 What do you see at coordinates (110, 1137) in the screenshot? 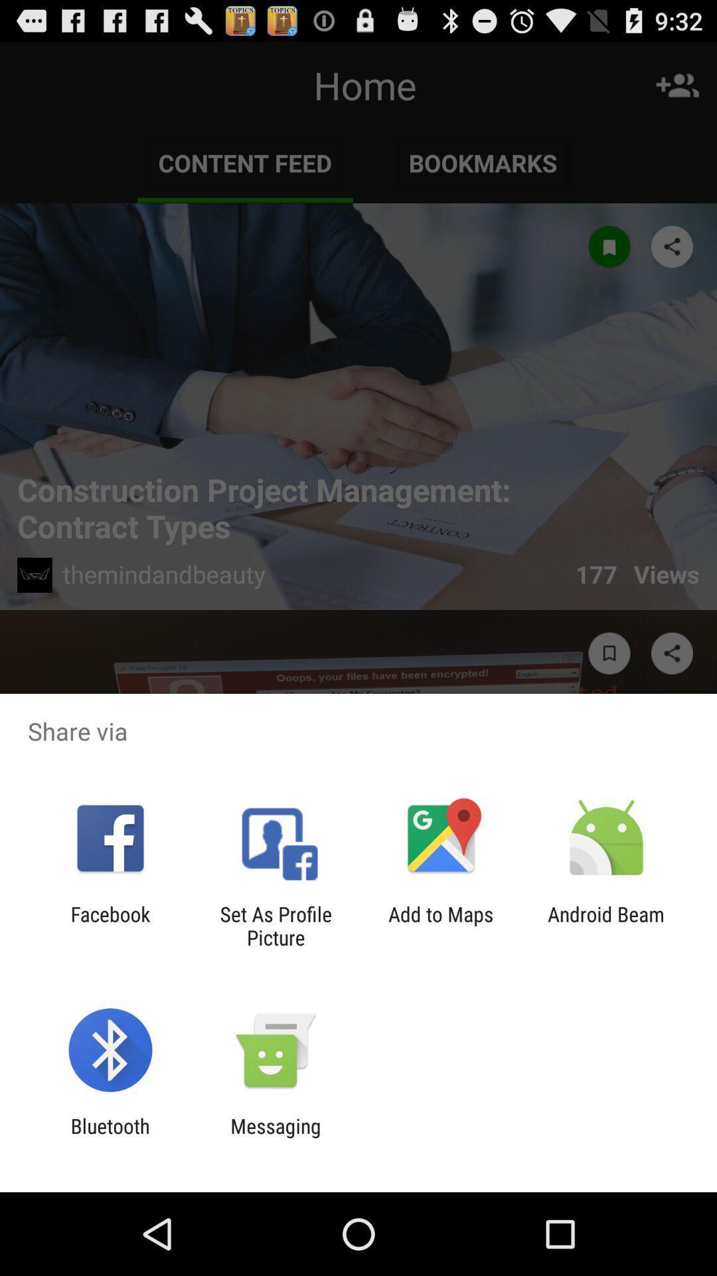
I see `the app to the left of messaging item` at bounding box center [110, 1137].